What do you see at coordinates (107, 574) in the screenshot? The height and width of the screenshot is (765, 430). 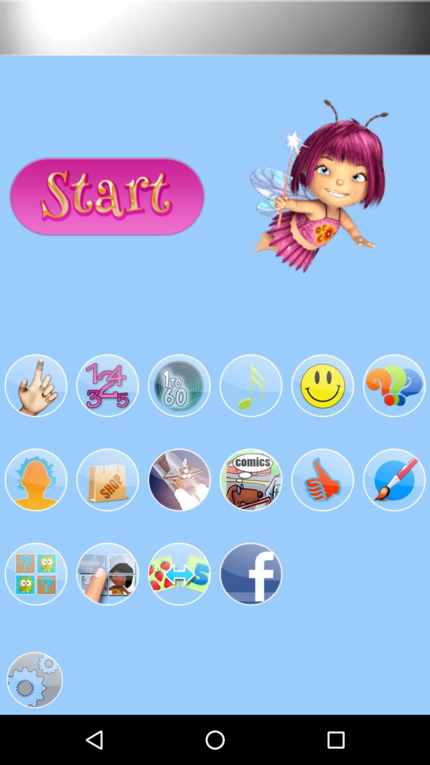 I see `the image in third line second image` at bounding box center [107, 574].